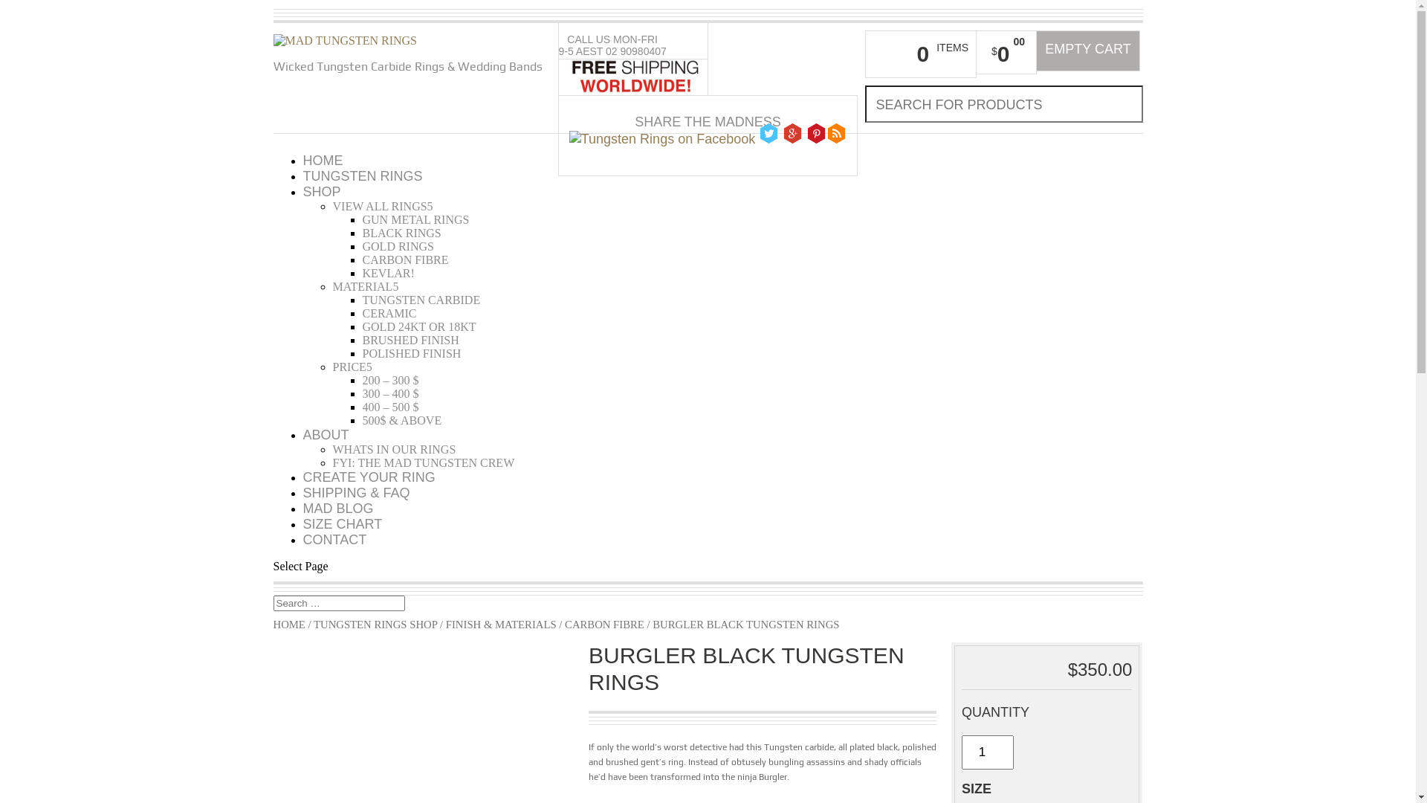 The width and height of the screenshot is (1427, 803). What do you see at coordinates (302, 493) in the screenshot?
I see `'SHIPPING & FAQ'` at bounding box center [302, 493].